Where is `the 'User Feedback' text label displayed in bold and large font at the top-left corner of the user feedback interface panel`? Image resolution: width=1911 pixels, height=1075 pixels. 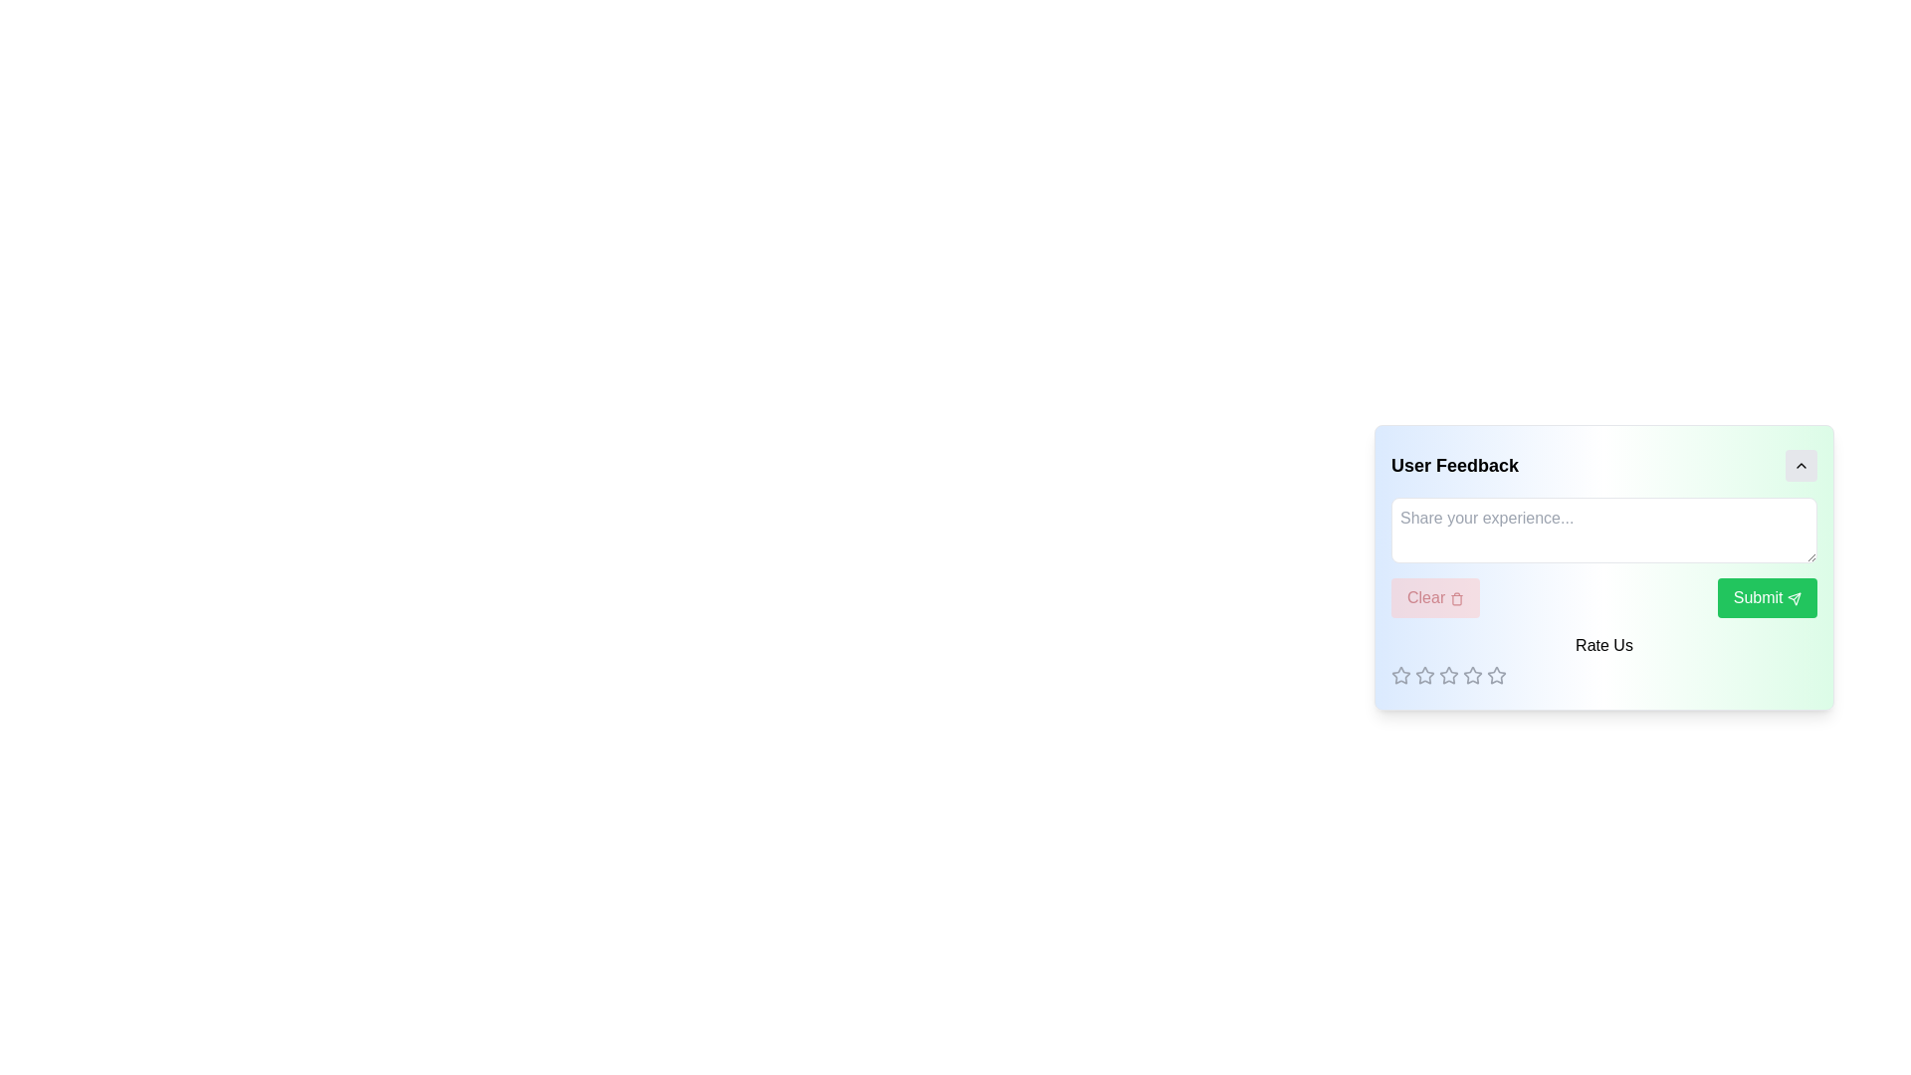 the 'User Feedback' text label displayed in bold and large font at the top-left corner of the user feedback interface panel is located at coordinates (1455, 465).